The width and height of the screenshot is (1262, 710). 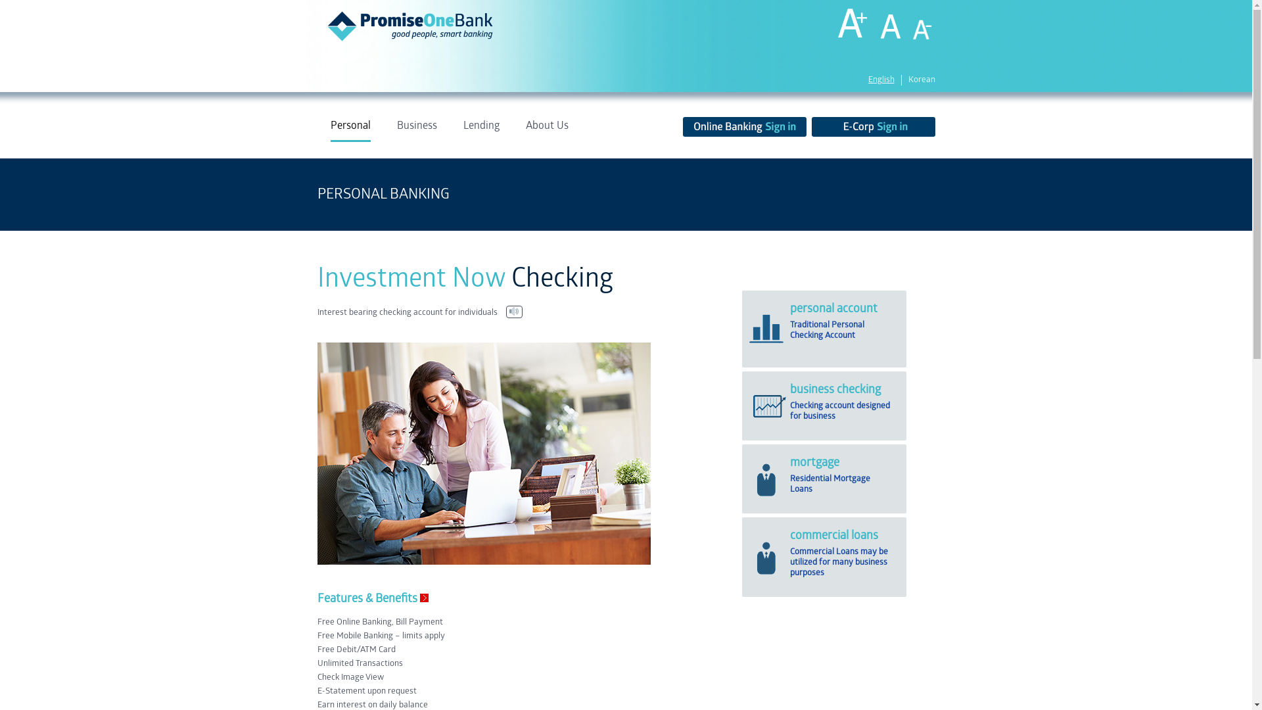 What do you see at coordinates (921, 80) in the screenshot?
I see `'Korean'` at bounding box center [921, 80].